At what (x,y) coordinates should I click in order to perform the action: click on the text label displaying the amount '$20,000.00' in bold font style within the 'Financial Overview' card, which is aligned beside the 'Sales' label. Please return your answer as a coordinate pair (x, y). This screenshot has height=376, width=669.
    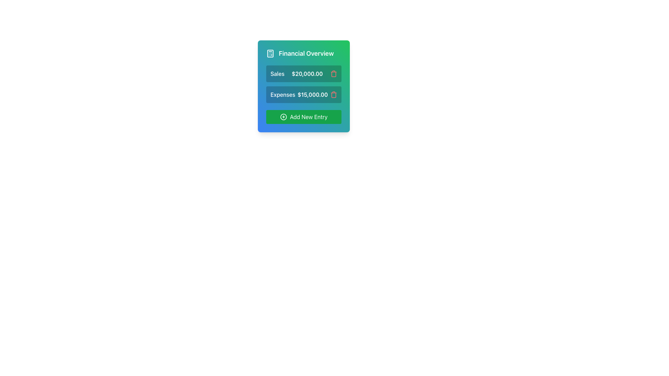
    Looking at the image, I should click on (307, 74).